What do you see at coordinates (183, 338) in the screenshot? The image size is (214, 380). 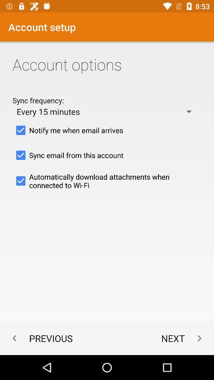 I see `icon to the right of the previous app` at bounding box center [183, 338].